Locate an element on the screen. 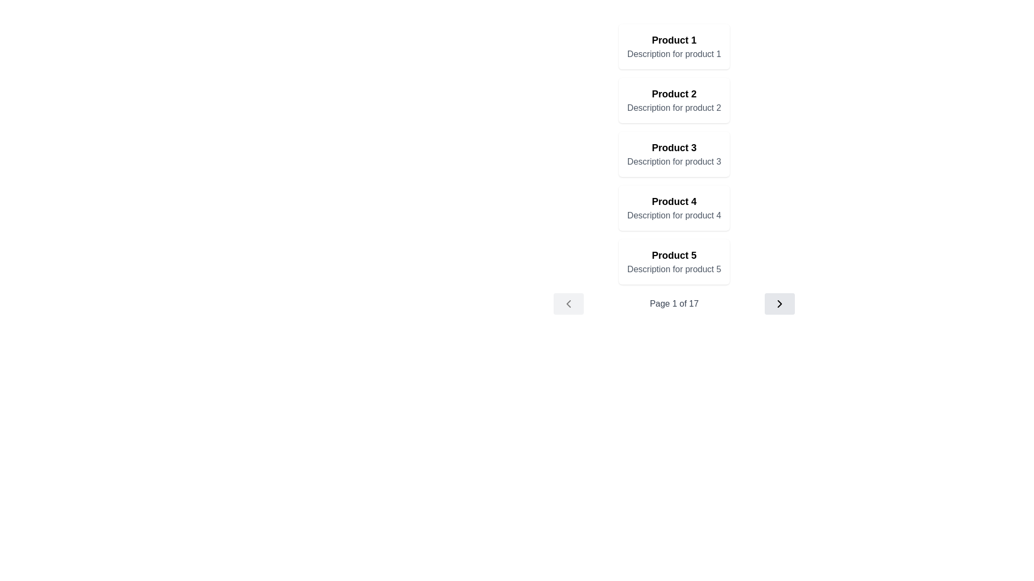 This screenshot has height=581, width=1034. text label indicating the current page number and total number of pages, which is centered between the navigation arrows in the paginated view is located at coordinates (674, 303).